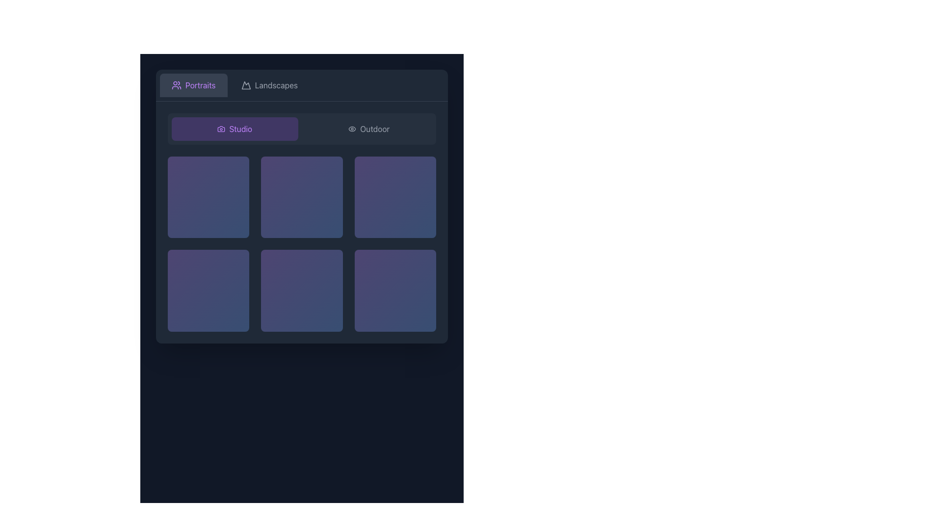 This screenshot has height=530, width=942. What do you see at coordinates (352, 128) in the screenshot?
I see `the outer arc of the eye icon in the 'Outdoor' tab` at bounding box center [352, 128].